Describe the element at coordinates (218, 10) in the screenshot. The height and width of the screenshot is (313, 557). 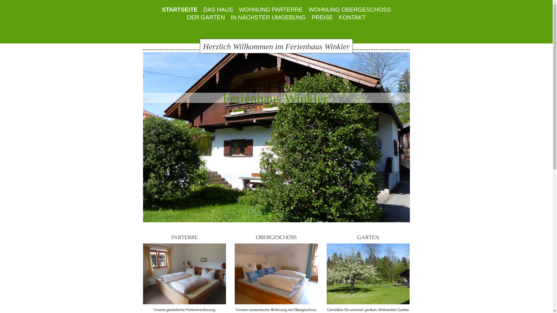
I see `'DAS HAUS'` at that location.